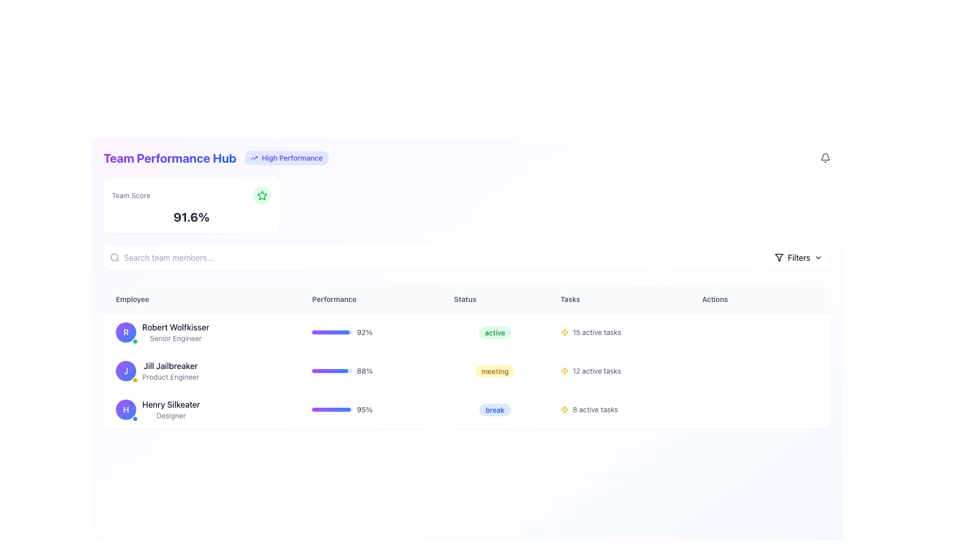 The height and width of the screenshot is (549, 976). Describe the element at coordinates (170, 366) in the screenshot. I see `the text label displaying the name 'Jill Jailbreaker' to potentially see additional details` at that location.